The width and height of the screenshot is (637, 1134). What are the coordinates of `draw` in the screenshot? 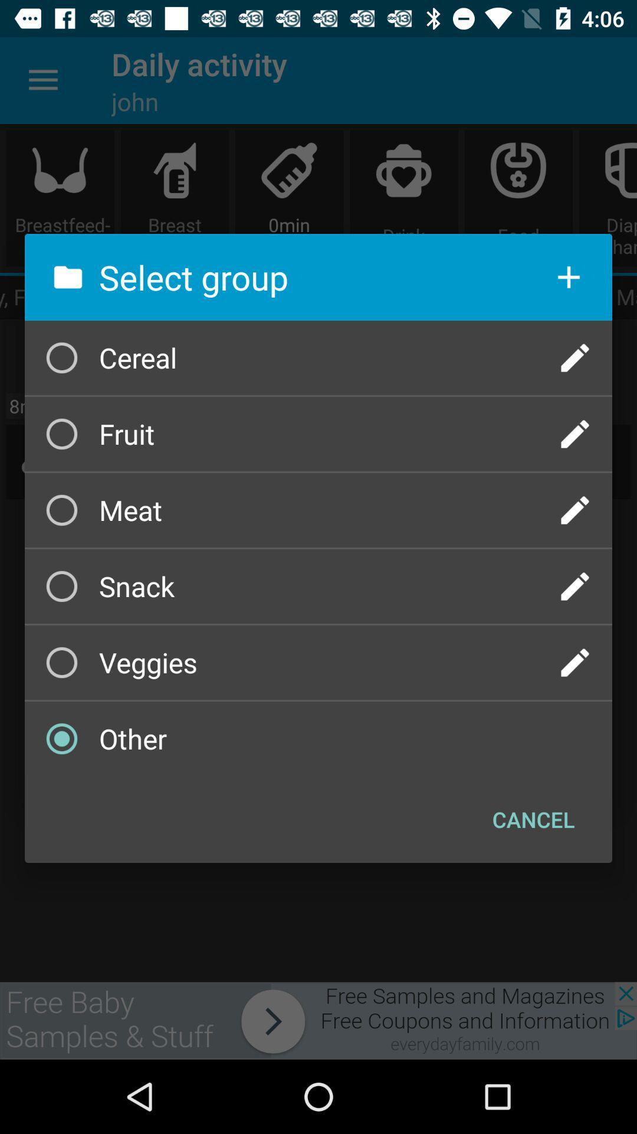 It's located at (574, 586).